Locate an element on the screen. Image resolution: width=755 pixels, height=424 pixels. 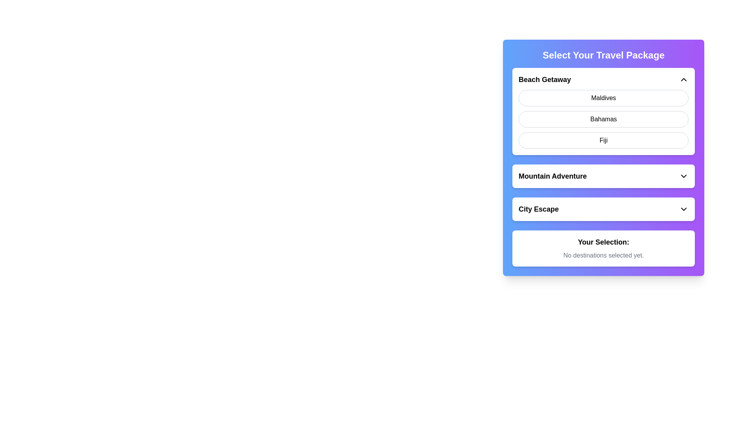
the 'Maldives' button, which is a rectangular button with rounded corners and a white background, located in the 'Beach Getaway' section at the top of the list to change its background color to light blue is located at coordinates (603, 98).